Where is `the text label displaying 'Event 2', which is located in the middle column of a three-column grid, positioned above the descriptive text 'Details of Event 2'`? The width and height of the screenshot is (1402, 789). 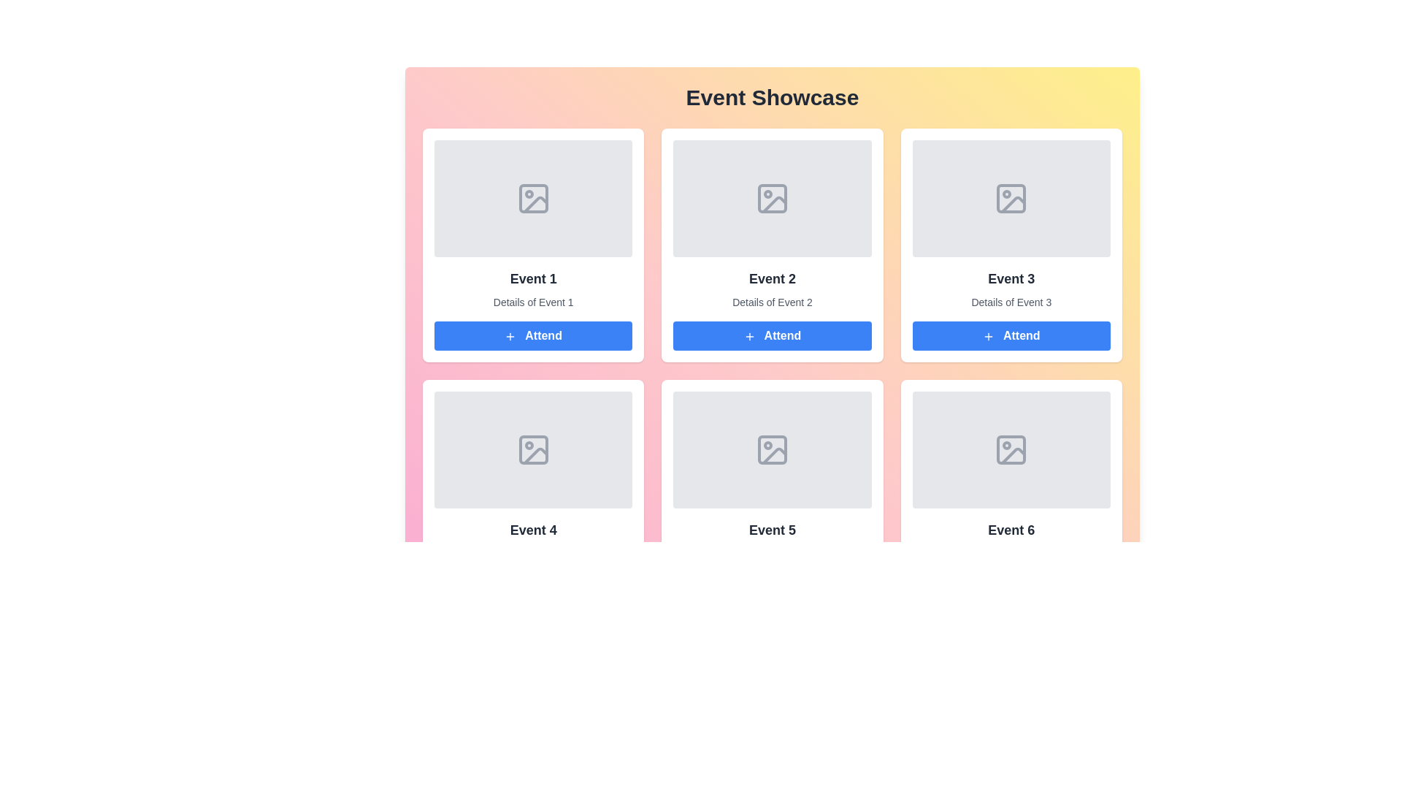
the text label displaying 'Event 2', which is located in the middle column of a three-column grid, positioned above the descriptive text 'Details of Event 2' is located at coordinates (771, 278).